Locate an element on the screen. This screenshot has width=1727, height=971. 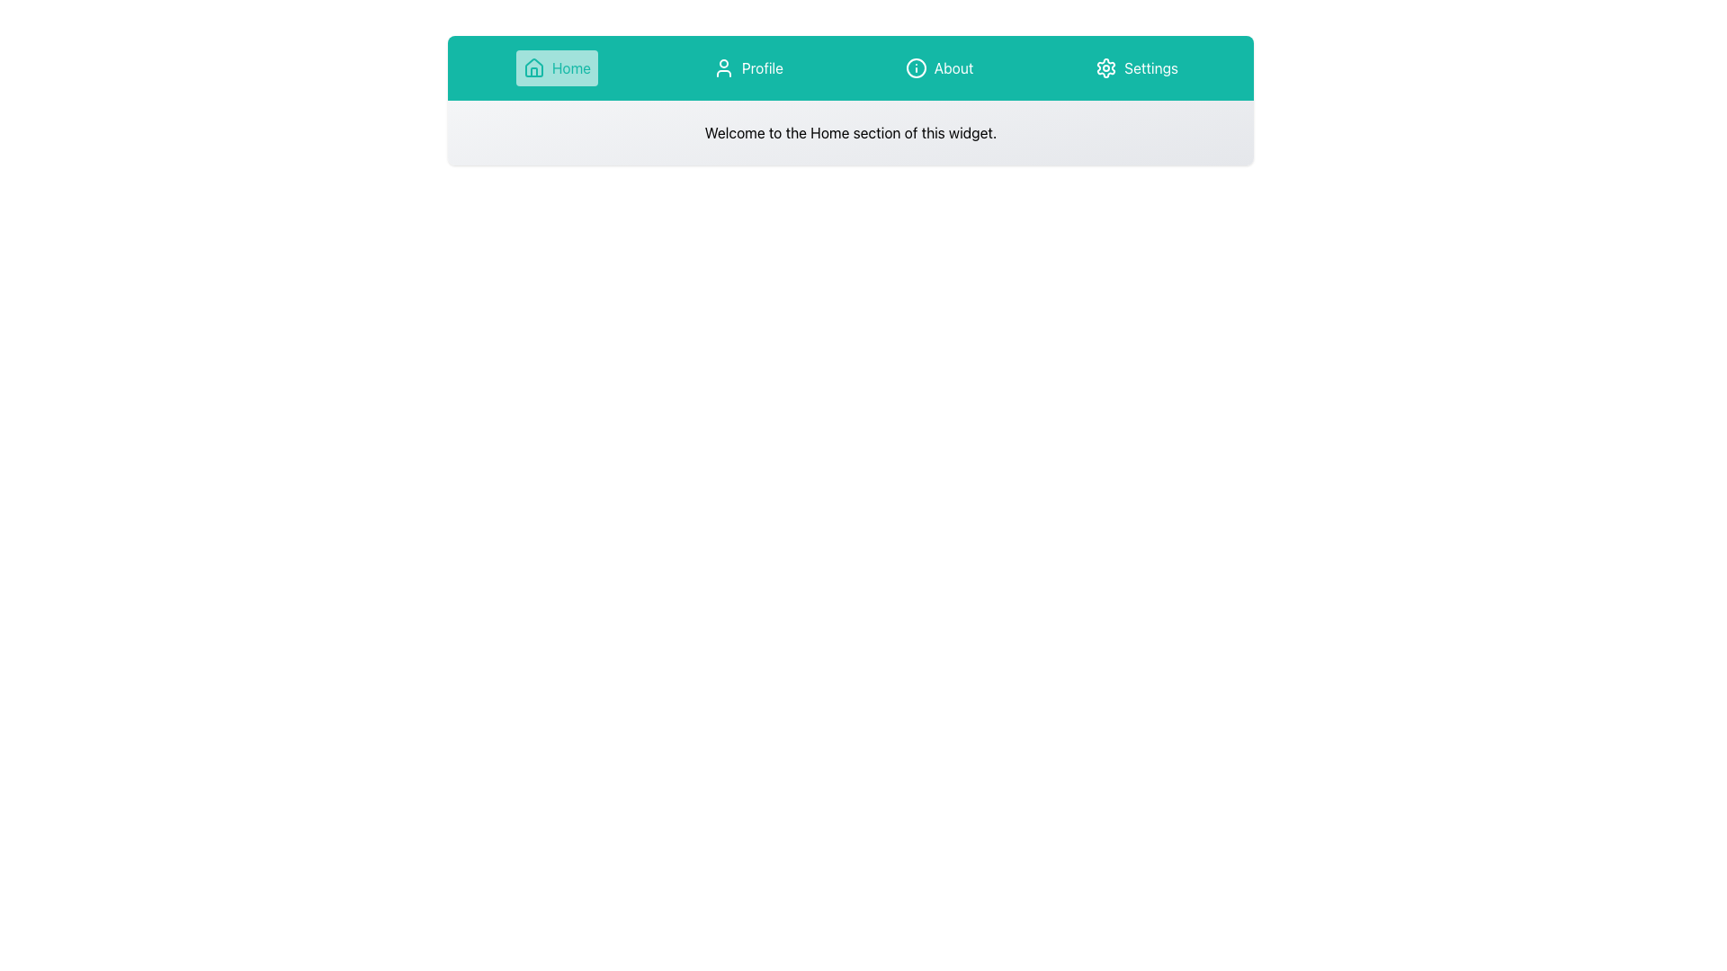
the 'About' button in the teal navigation bar is located at coordinates (938, 67).